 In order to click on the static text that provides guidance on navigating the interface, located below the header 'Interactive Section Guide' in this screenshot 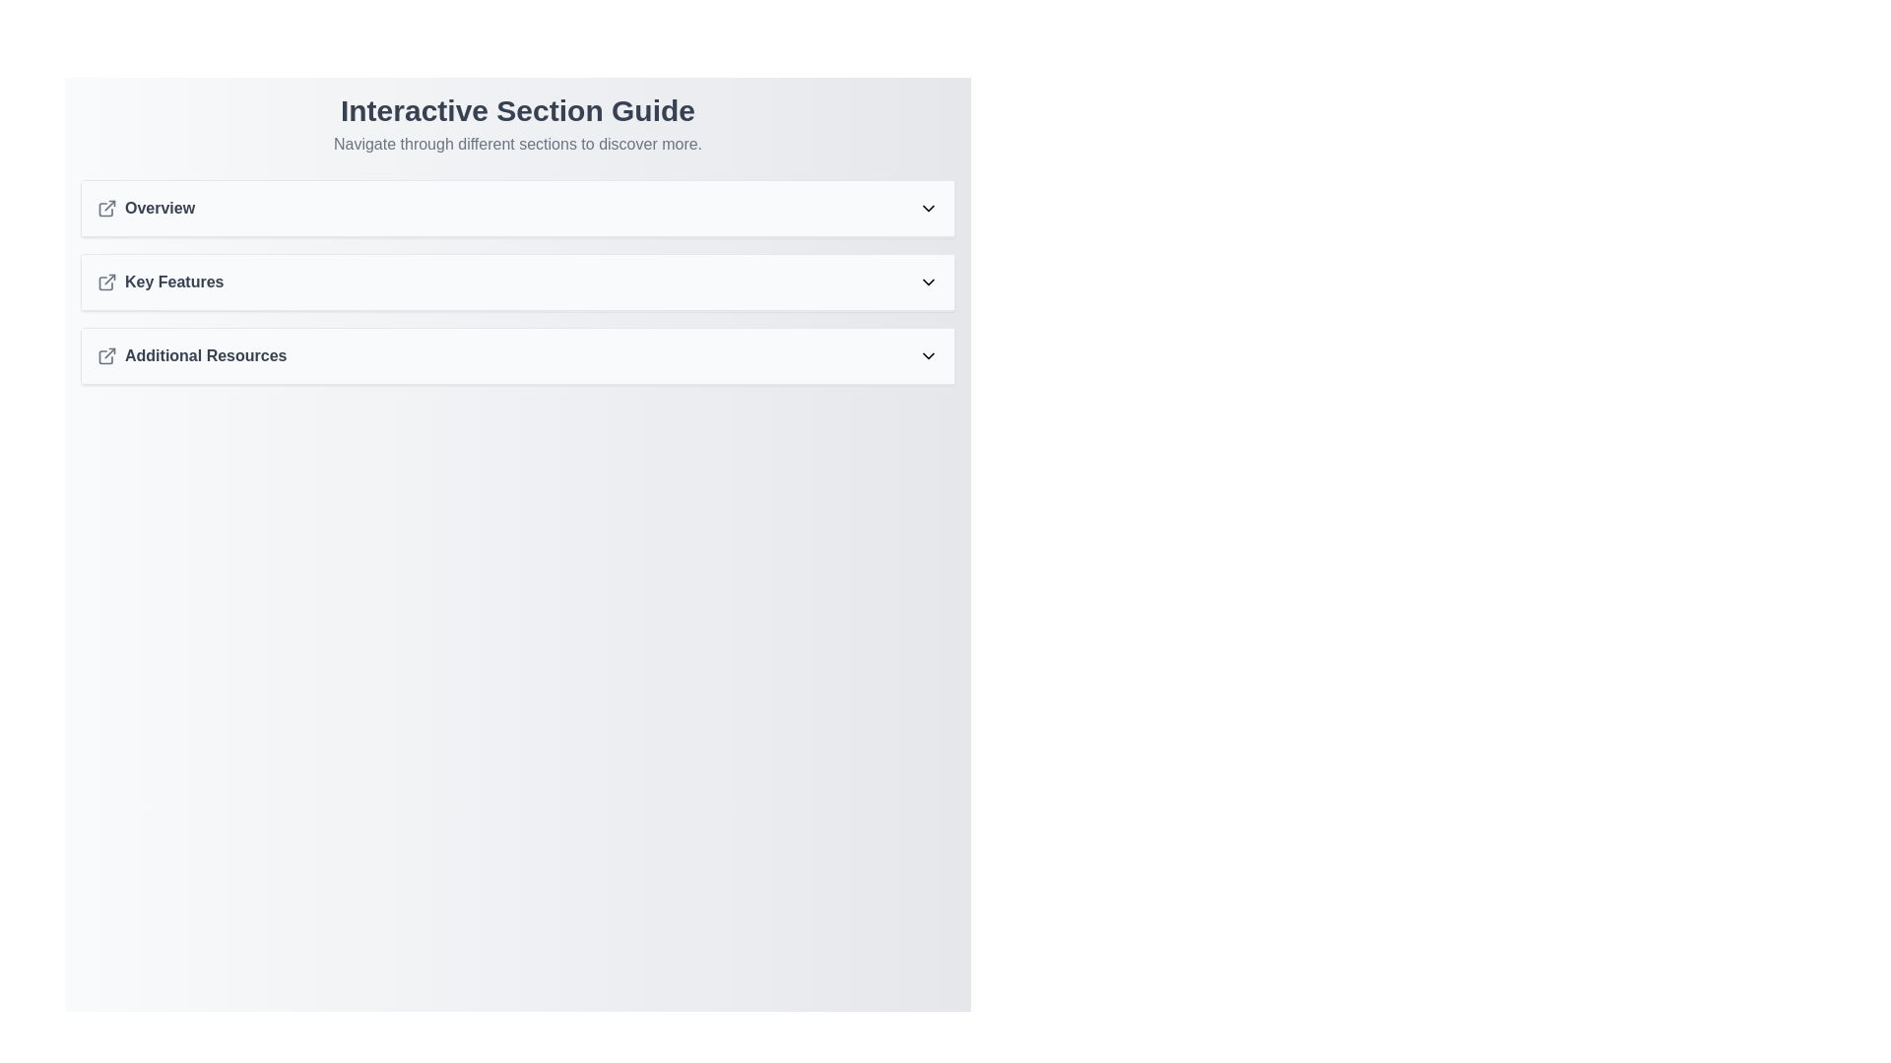, I will do `click(518, 143)`.